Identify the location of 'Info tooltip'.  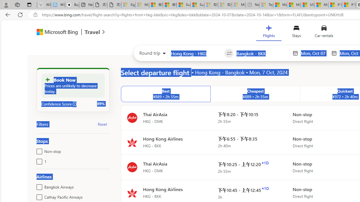
(74, 104).